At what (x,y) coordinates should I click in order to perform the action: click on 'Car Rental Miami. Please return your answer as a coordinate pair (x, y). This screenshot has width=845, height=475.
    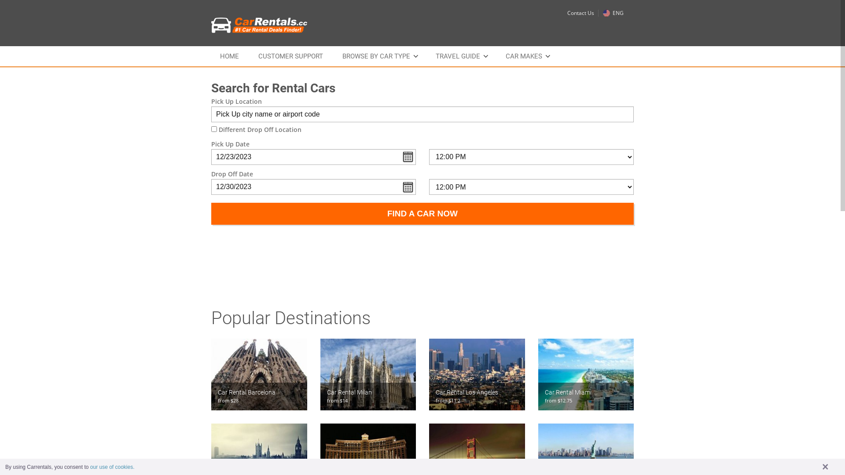
    Looking at the image, I should click on (585, 375).